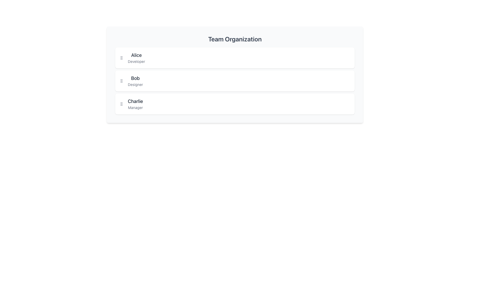  I want to click on the second team member card in the list, which includes names and roles of team members, positioned below 'Alice - Developer' and above 'Charlie - Manager', so click(234, 81).